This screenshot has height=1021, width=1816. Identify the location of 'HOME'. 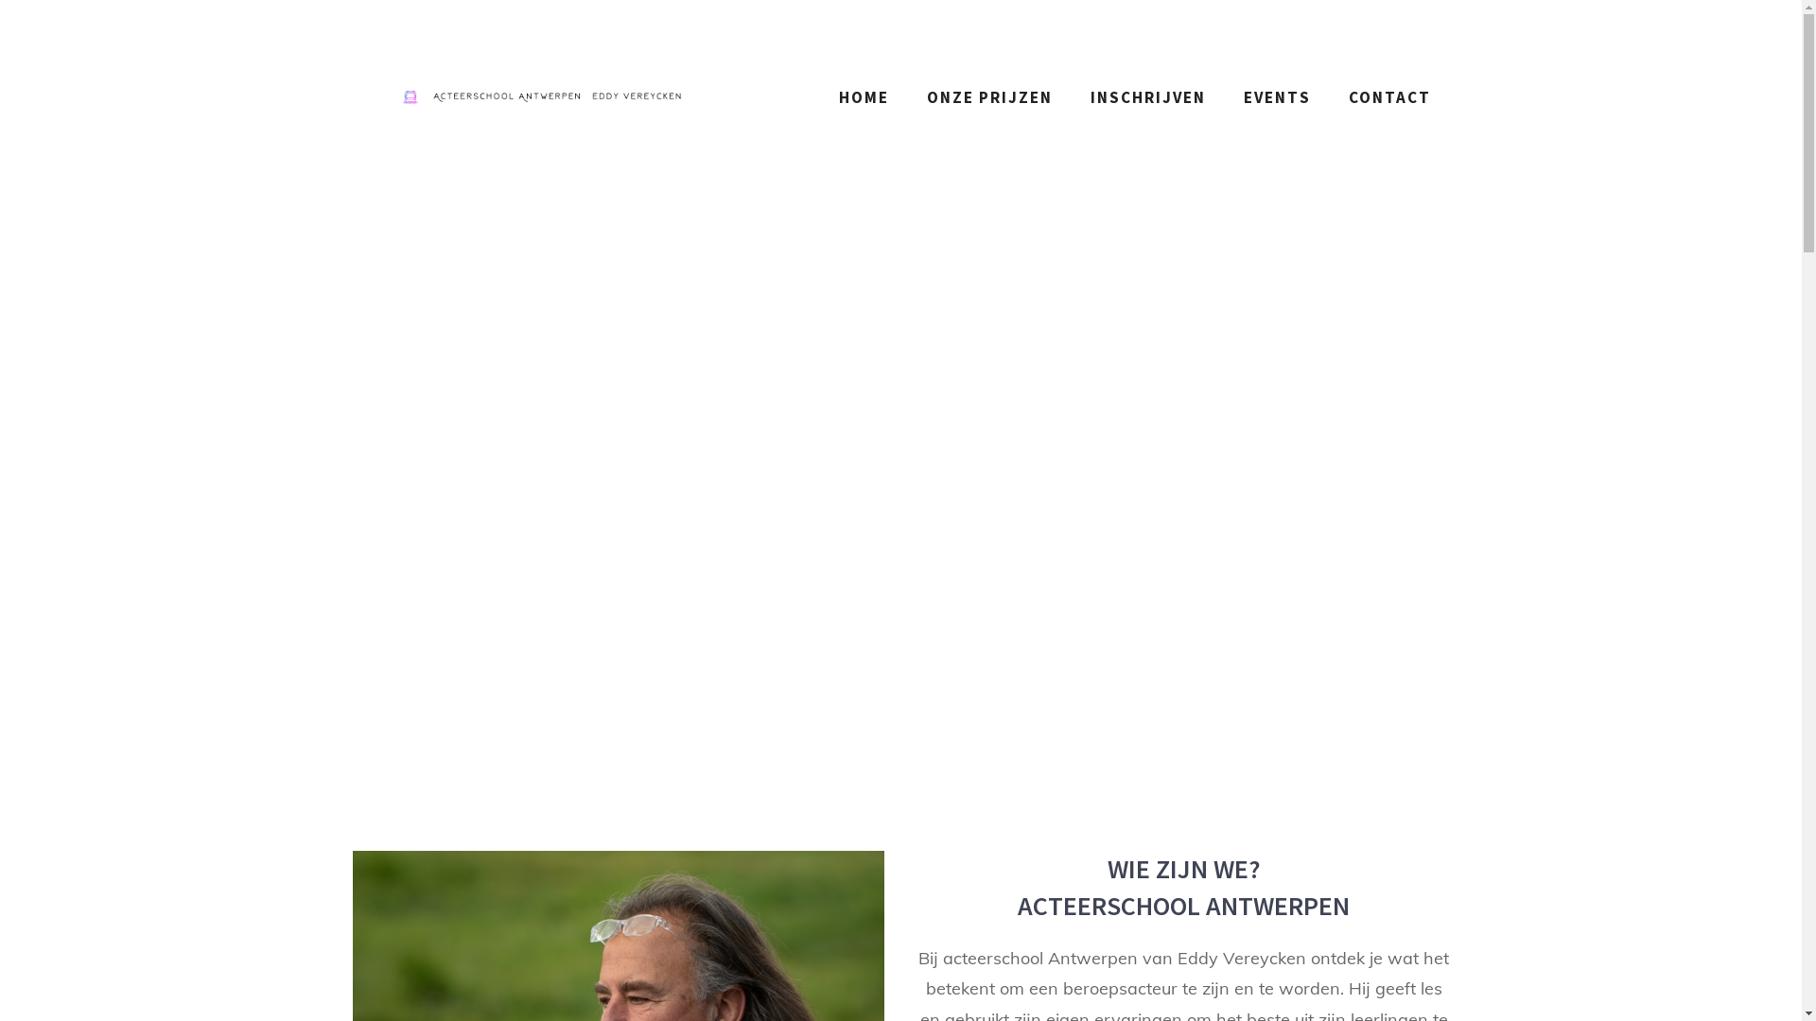
(818, 97).